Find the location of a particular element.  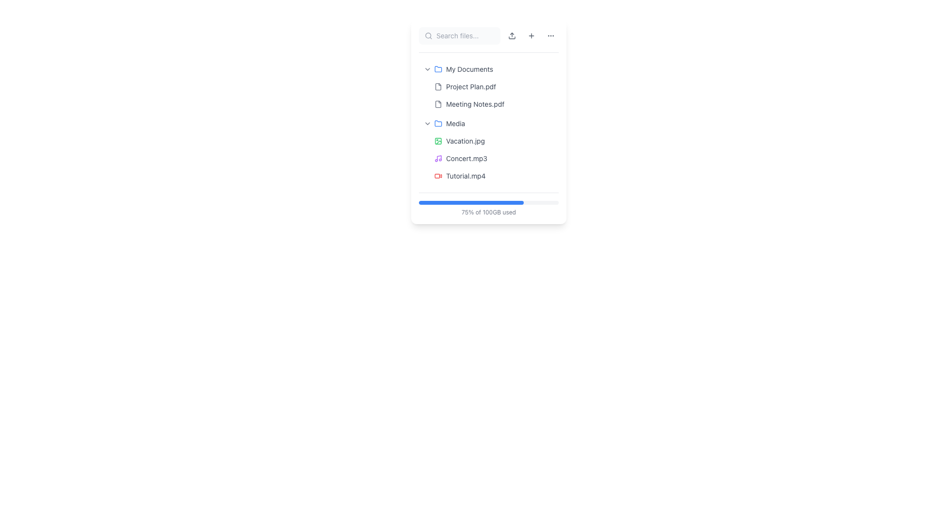

the ellipsis button located in the upper-right corner of the panel, which has a light gray background and three horizontally aligned dots is located at coordinates (550, 35).